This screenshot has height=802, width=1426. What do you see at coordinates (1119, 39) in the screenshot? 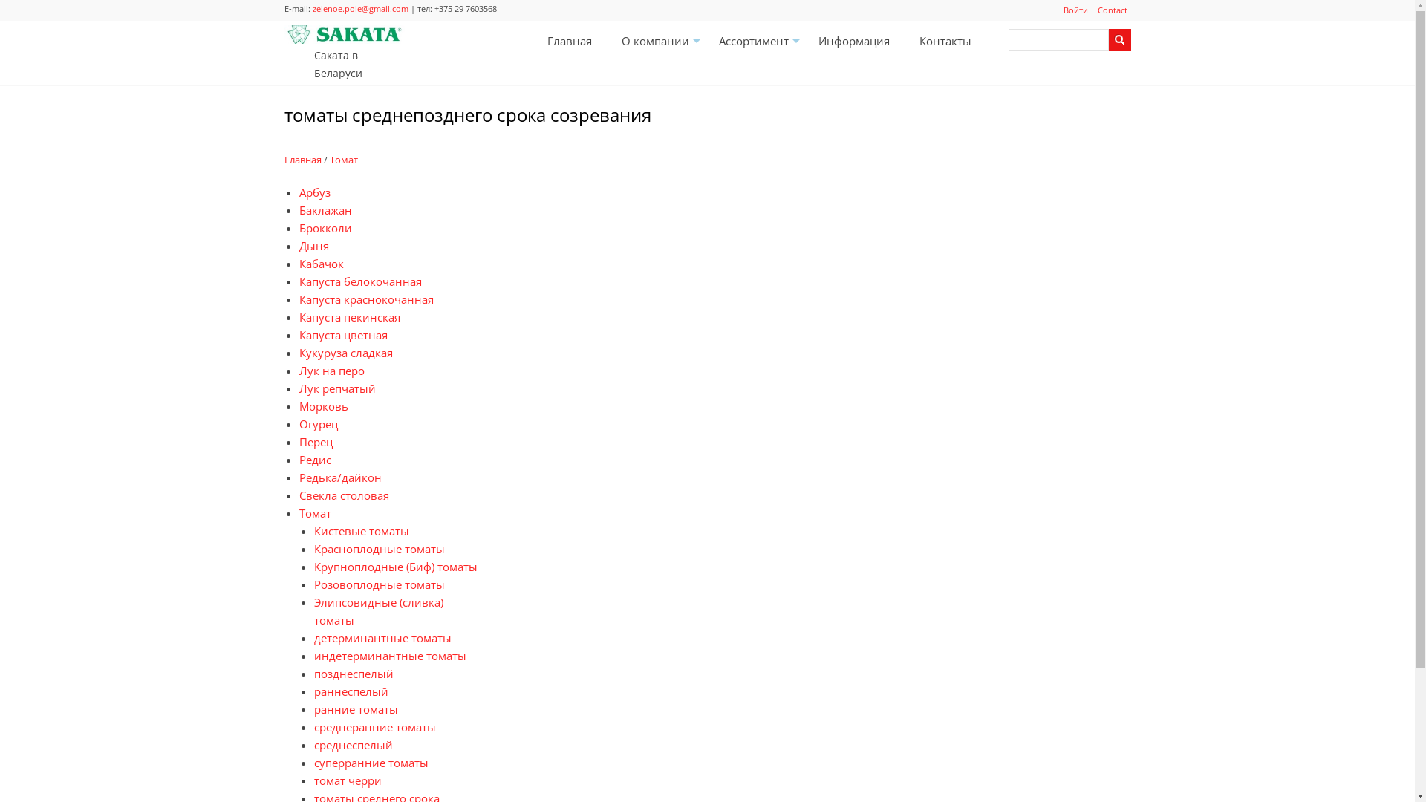
I see `'Search'` at bounding box center [1119, 39].